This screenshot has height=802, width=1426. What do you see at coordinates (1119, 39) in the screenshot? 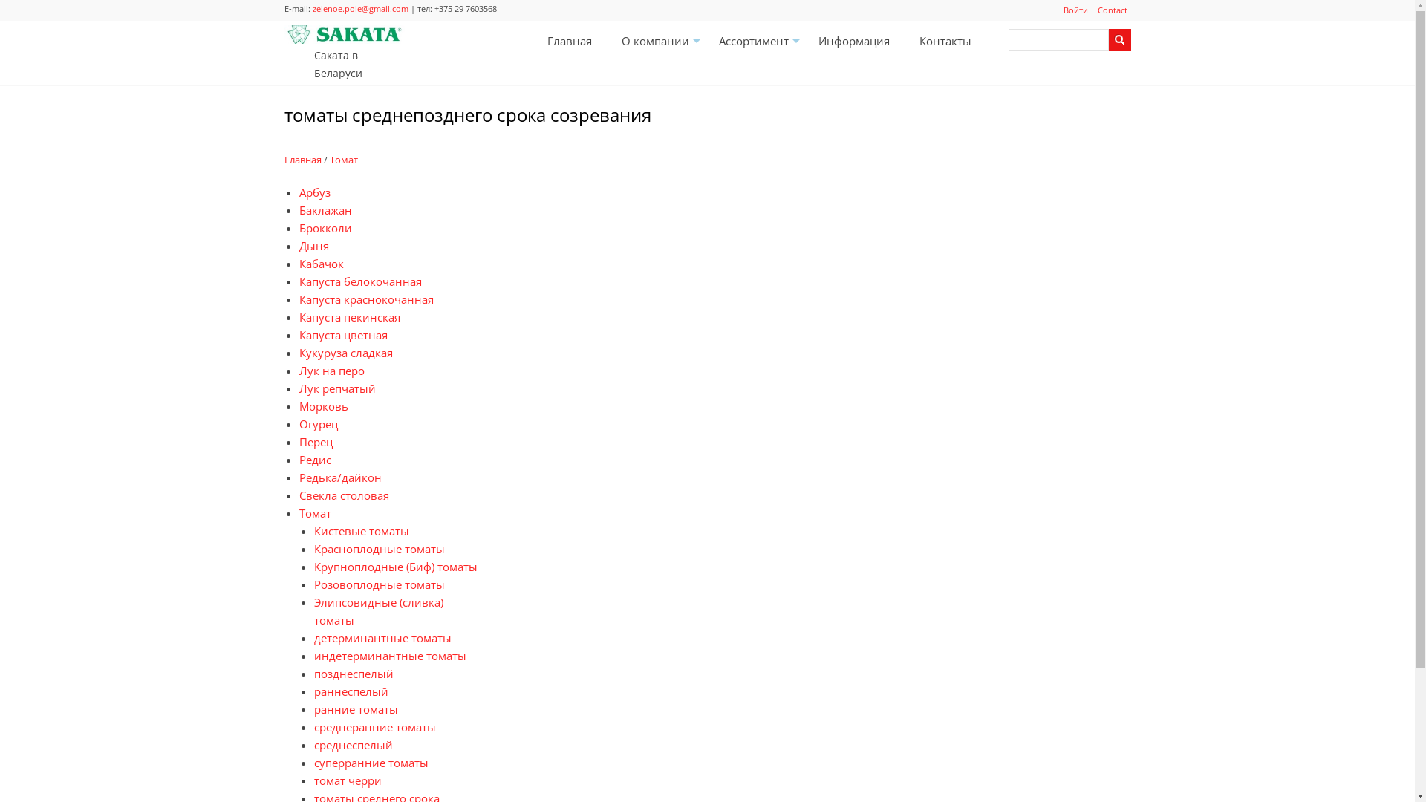
I see `'Search'` at bounding box center [1119, 39].